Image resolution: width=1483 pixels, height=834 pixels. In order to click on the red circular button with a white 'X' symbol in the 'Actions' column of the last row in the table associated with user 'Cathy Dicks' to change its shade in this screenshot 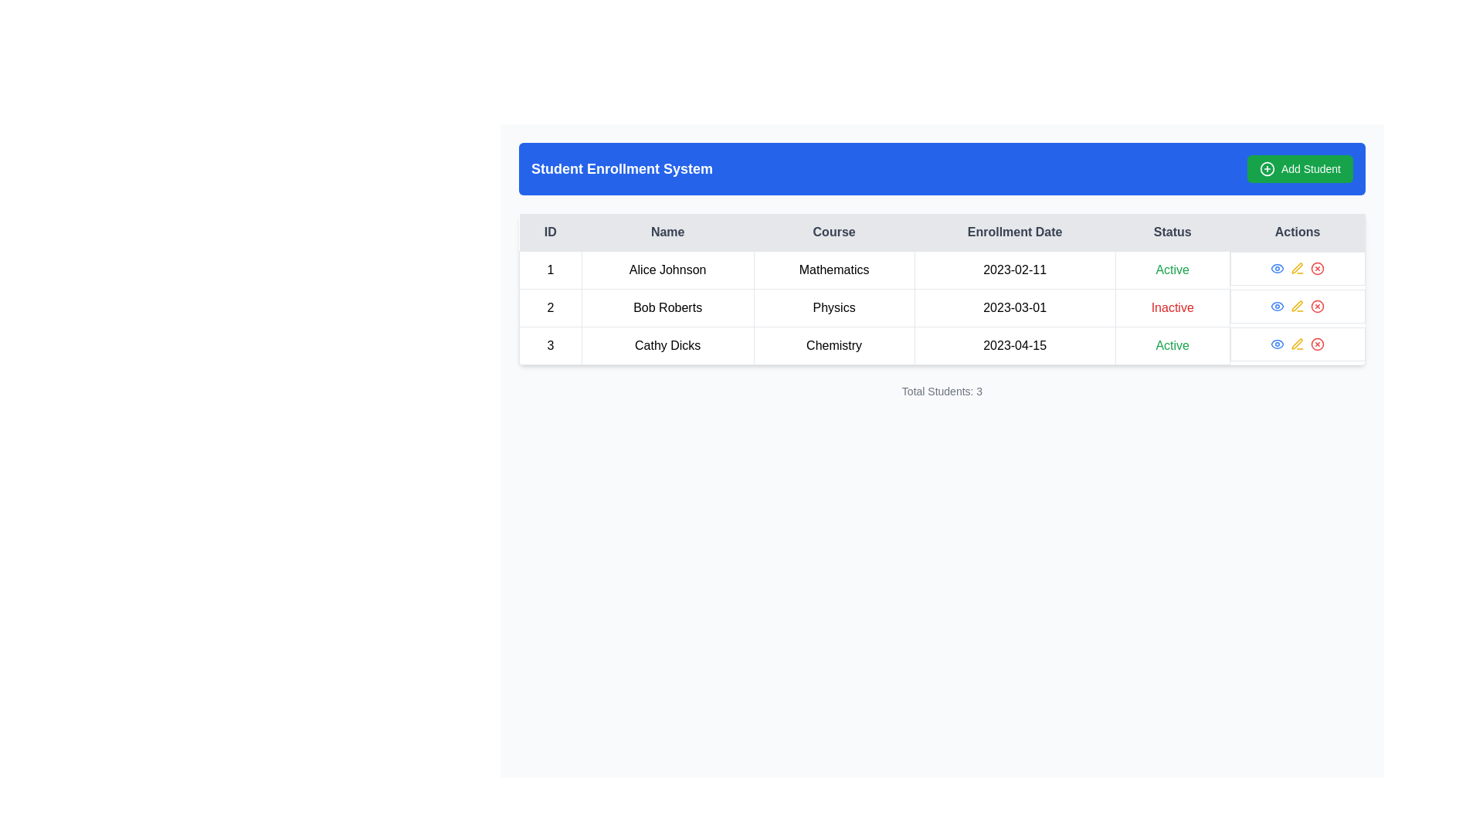, I will do `click(1317, 343)`.